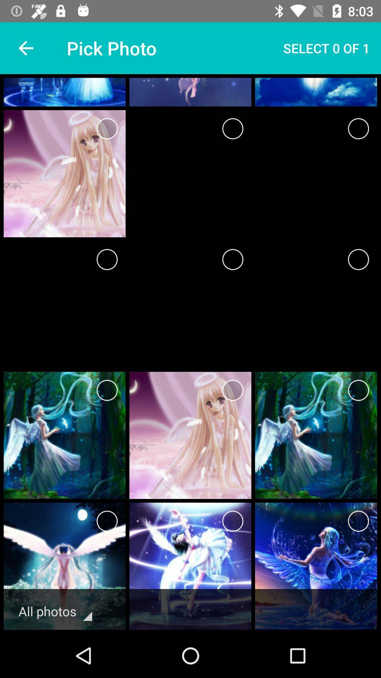 This screenshot has width=381, height=678. What do you see at coordinates (232, 129) in the screenshot?
I see `photo` at bounding box center [232, 129].